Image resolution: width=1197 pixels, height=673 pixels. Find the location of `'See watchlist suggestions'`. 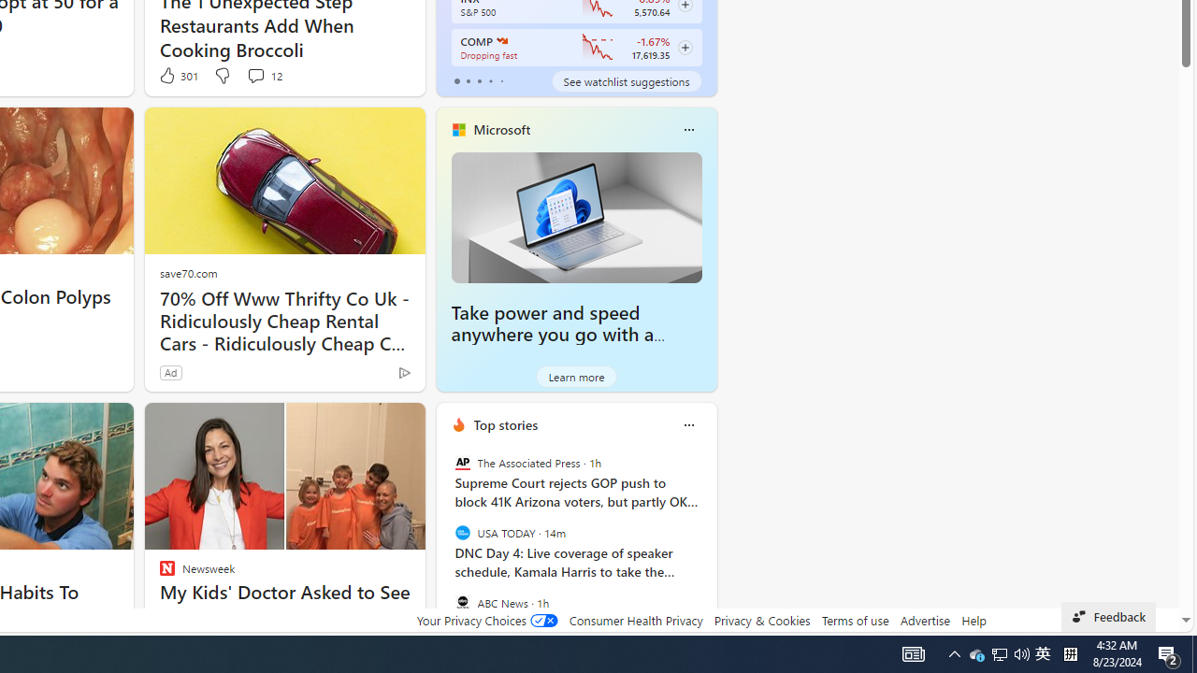

'See watchlist suggestions' is located at coordinates (627, 80).